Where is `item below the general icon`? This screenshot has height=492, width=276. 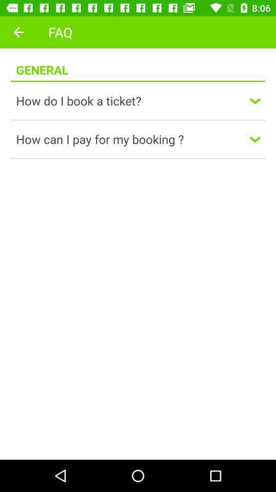
item below the general icon is located at coordinates (138, 80).